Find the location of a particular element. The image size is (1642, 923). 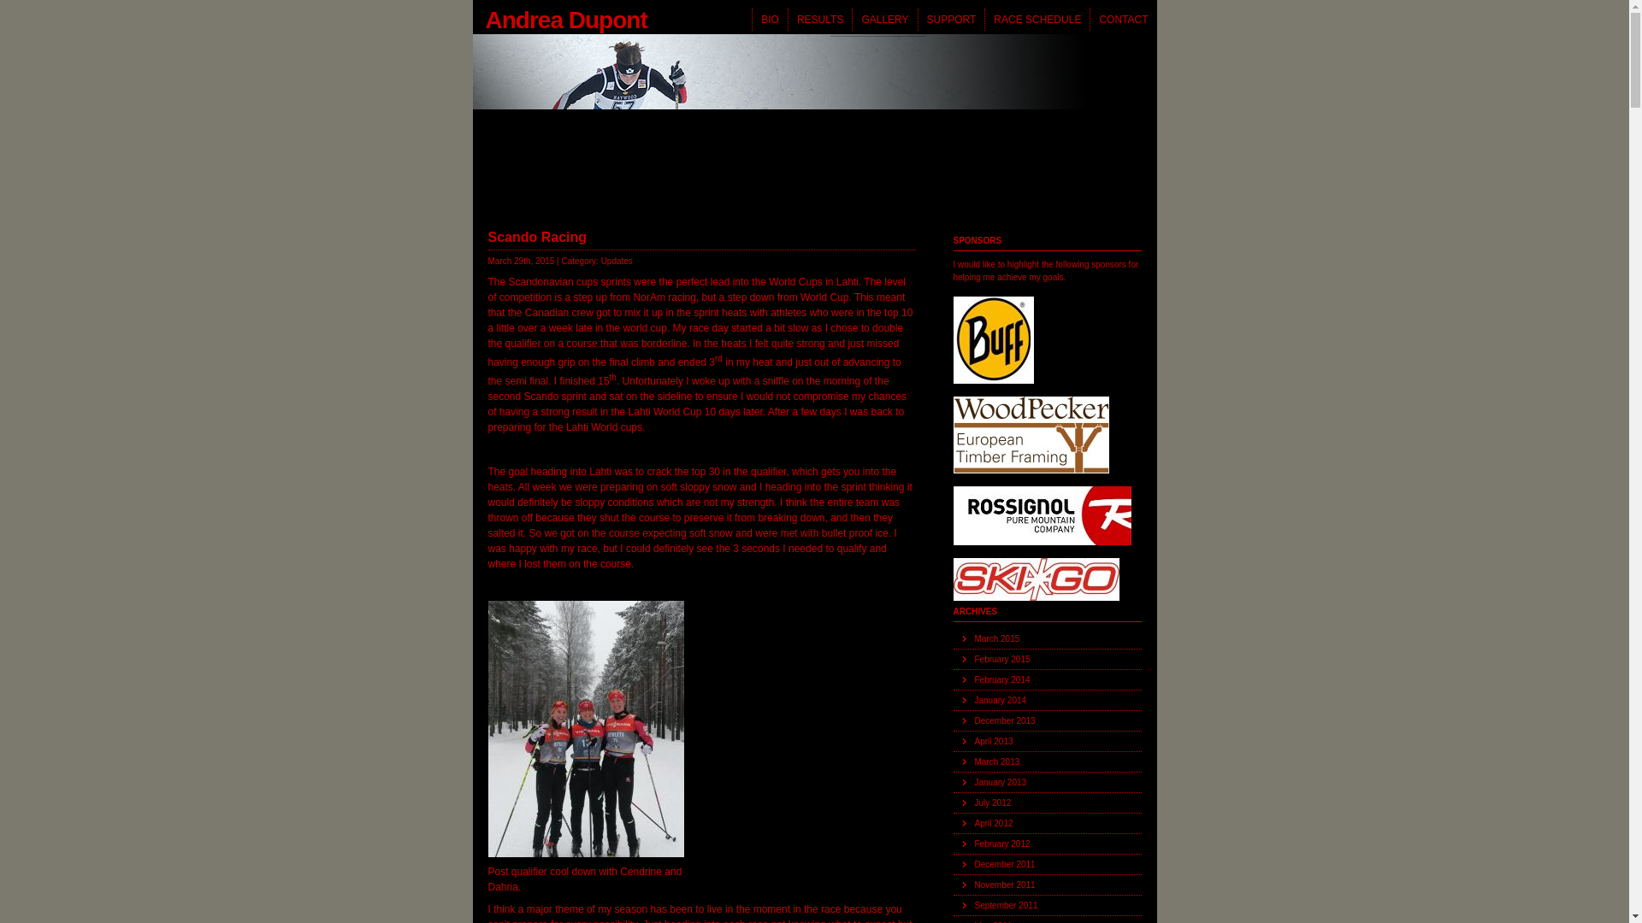

'January 2013' is located at coordinates (1046, 782).